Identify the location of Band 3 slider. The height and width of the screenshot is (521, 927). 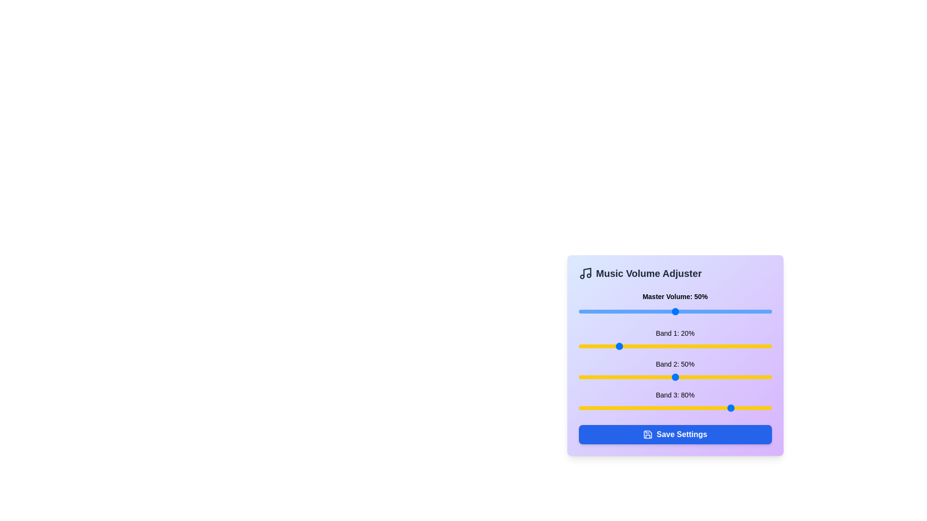
(601, 408).